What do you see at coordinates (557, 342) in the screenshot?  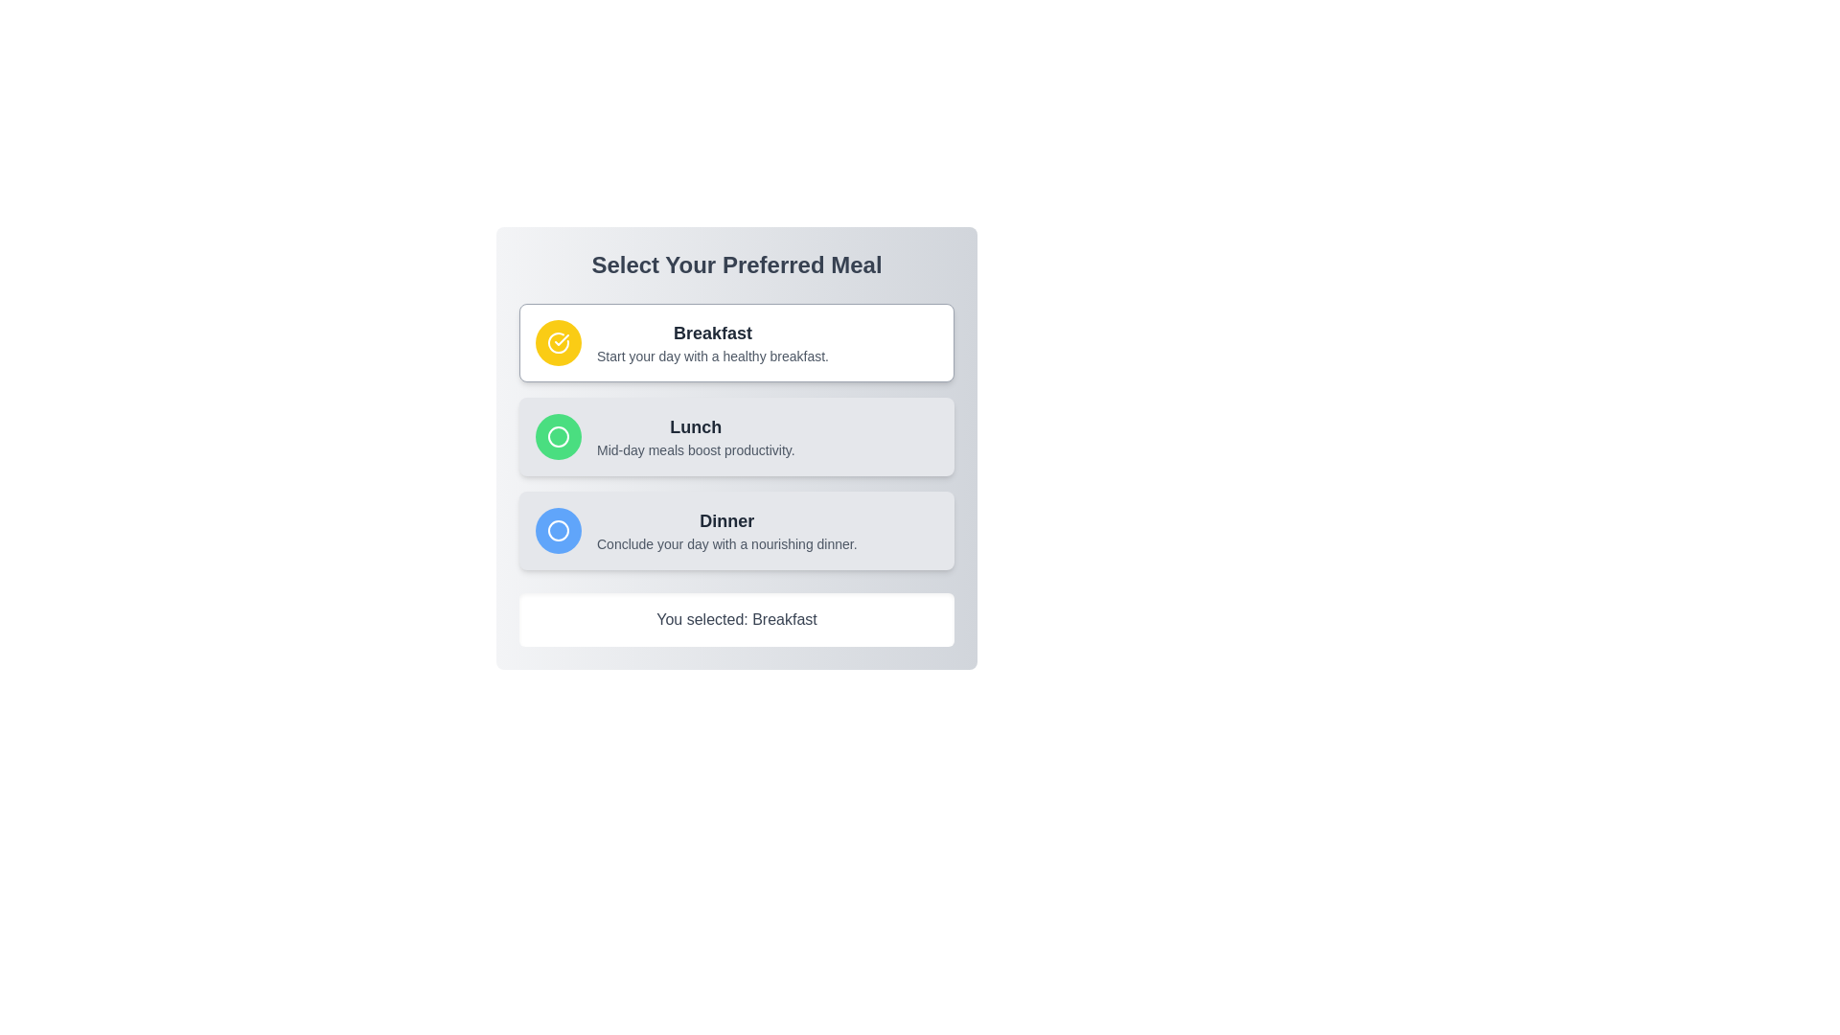 I see `the 'Breakfast' icon located in the first option of the vertical list of options, which serves as an emphasis marker` at bounding box center [557, 342].